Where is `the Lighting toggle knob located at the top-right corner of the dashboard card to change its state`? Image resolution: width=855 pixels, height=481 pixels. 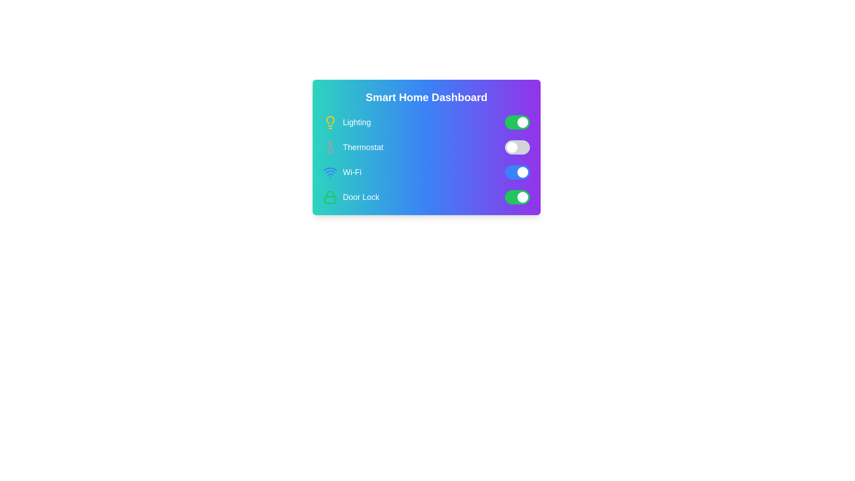 the Lighting toggle knob located at the top-right corner of the dashboard card to change its state is located at coordinates (523, 122).